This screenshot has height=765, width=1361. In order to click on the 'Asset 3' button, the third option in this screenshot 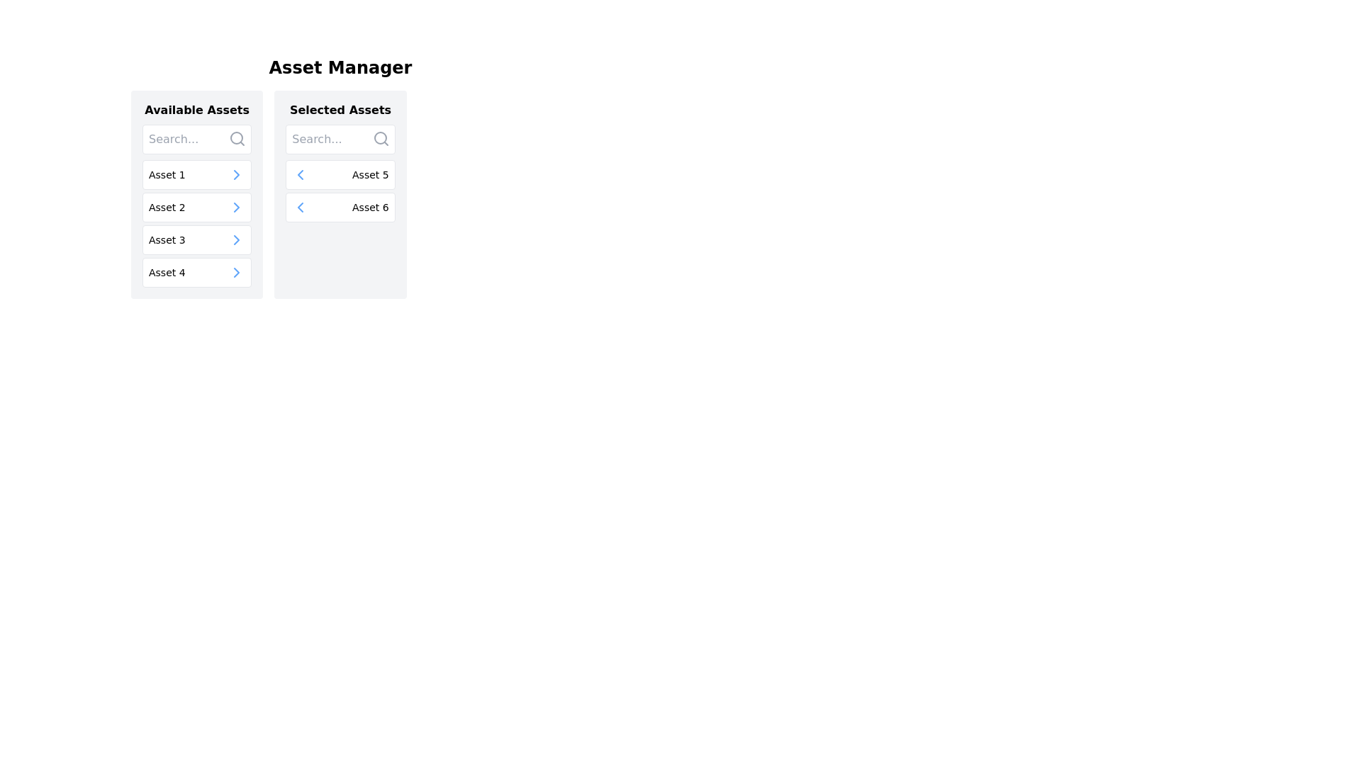, I will do `click(196, 239)`.